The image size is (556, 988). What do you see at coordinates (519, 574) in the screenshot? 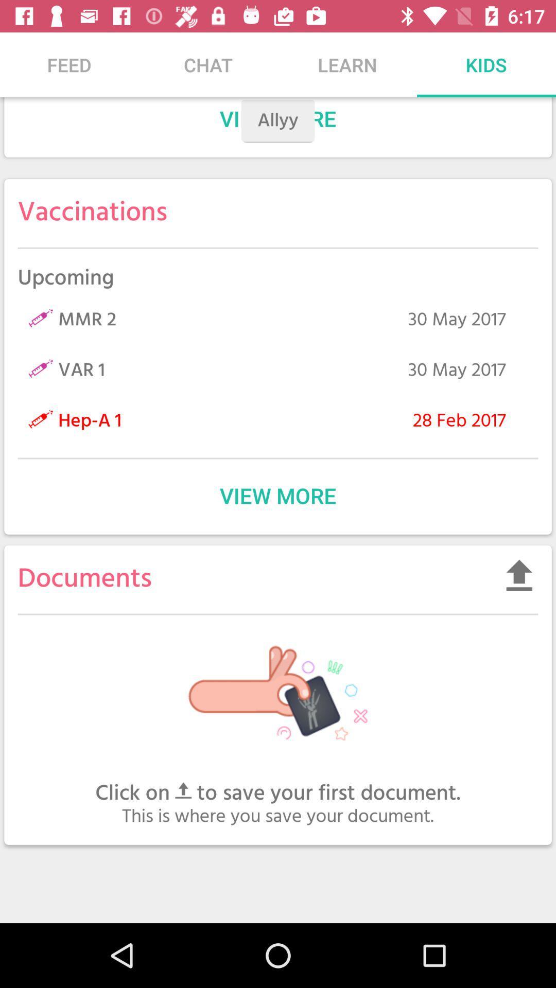
I see `the item on the right` at bounding box center [519, 574].